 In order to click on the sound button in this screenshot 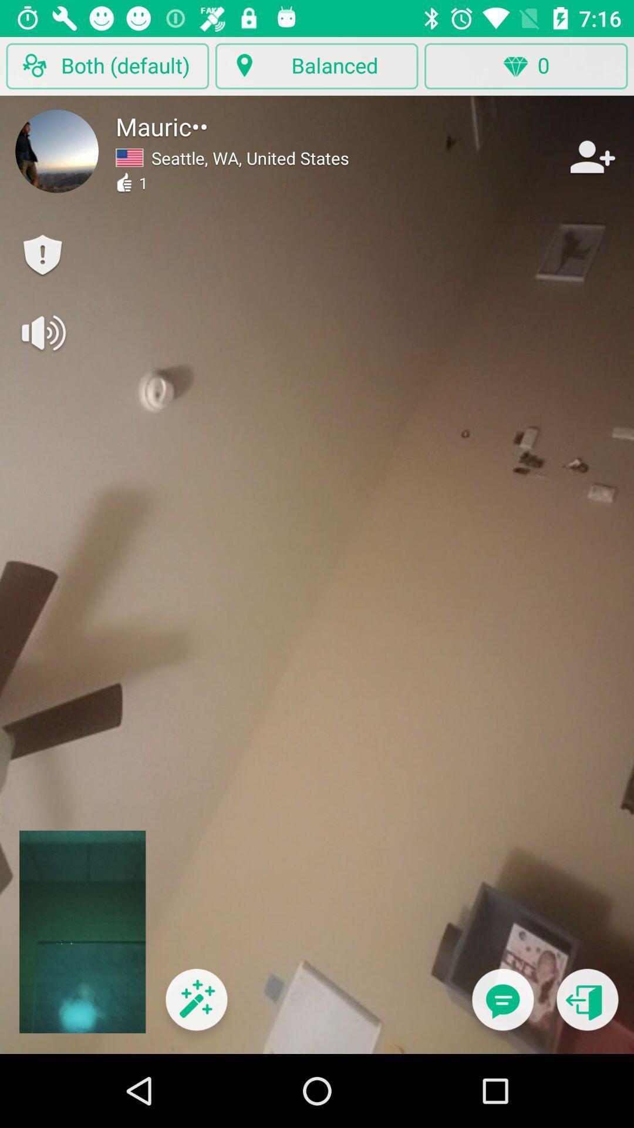, I will do `click(42, 332)`.